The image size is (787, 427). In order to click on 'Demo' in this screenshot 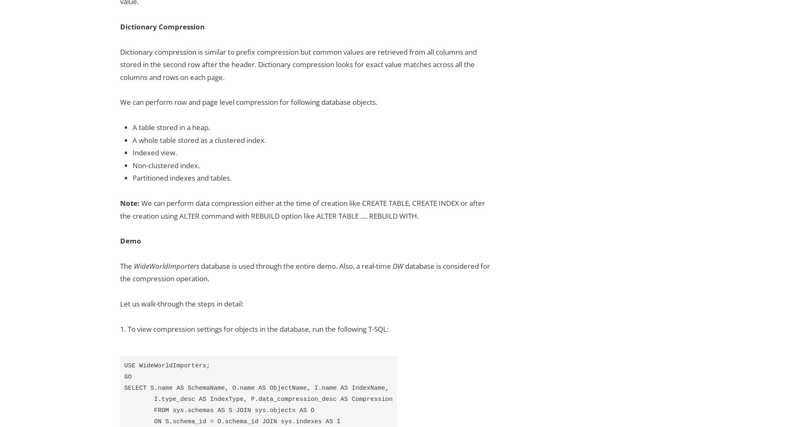, I will do `click(130, 240)`.